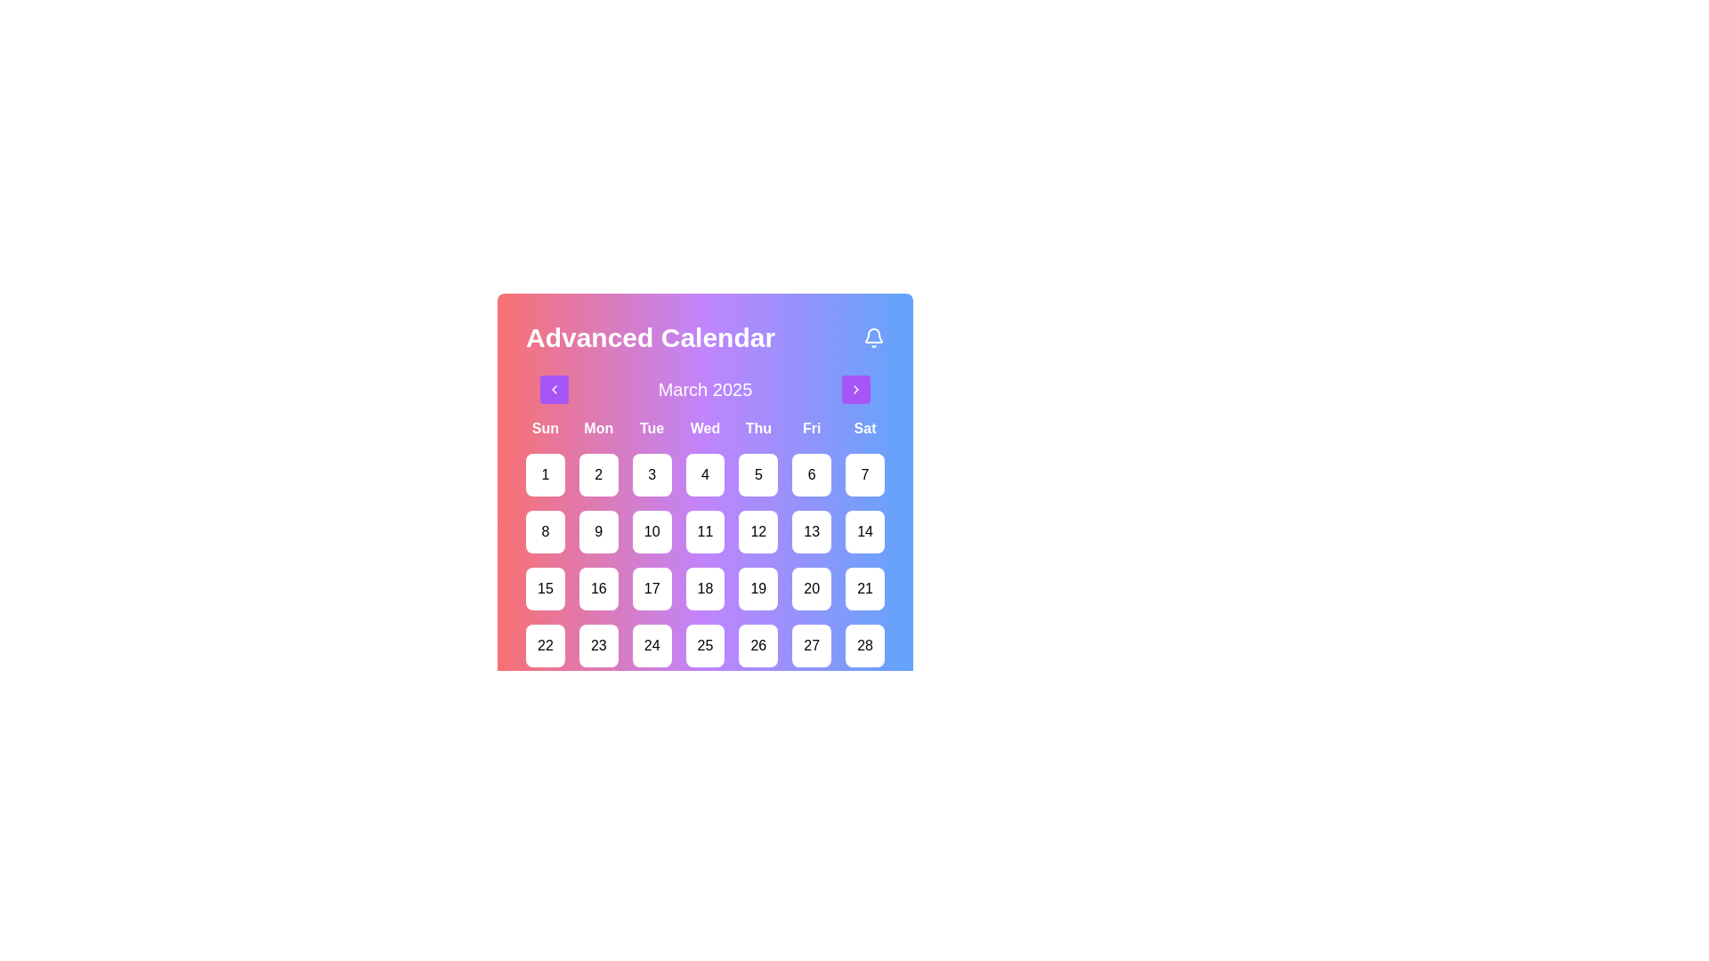 The height and width of the screenshot is (961, 1709). What do you see at coordinates (544, 530) in the screenshot?
I see `the interactive date cell representing the date '8' in the calendar located in the second row under the 'Sun' column` at bounding box center [544, 530].